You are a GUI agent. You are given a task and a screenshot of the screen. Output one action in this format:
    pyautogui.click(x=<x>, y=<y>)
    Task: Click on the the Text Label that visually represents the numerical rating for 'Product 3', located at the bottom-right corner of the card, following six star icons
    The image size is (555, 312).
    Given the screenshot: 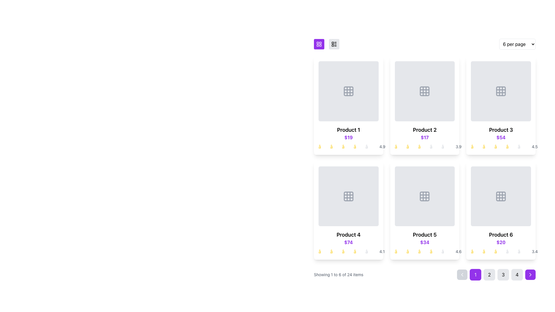 What is the action you would take?
    pyautogui.click(x=534, y=146)
    